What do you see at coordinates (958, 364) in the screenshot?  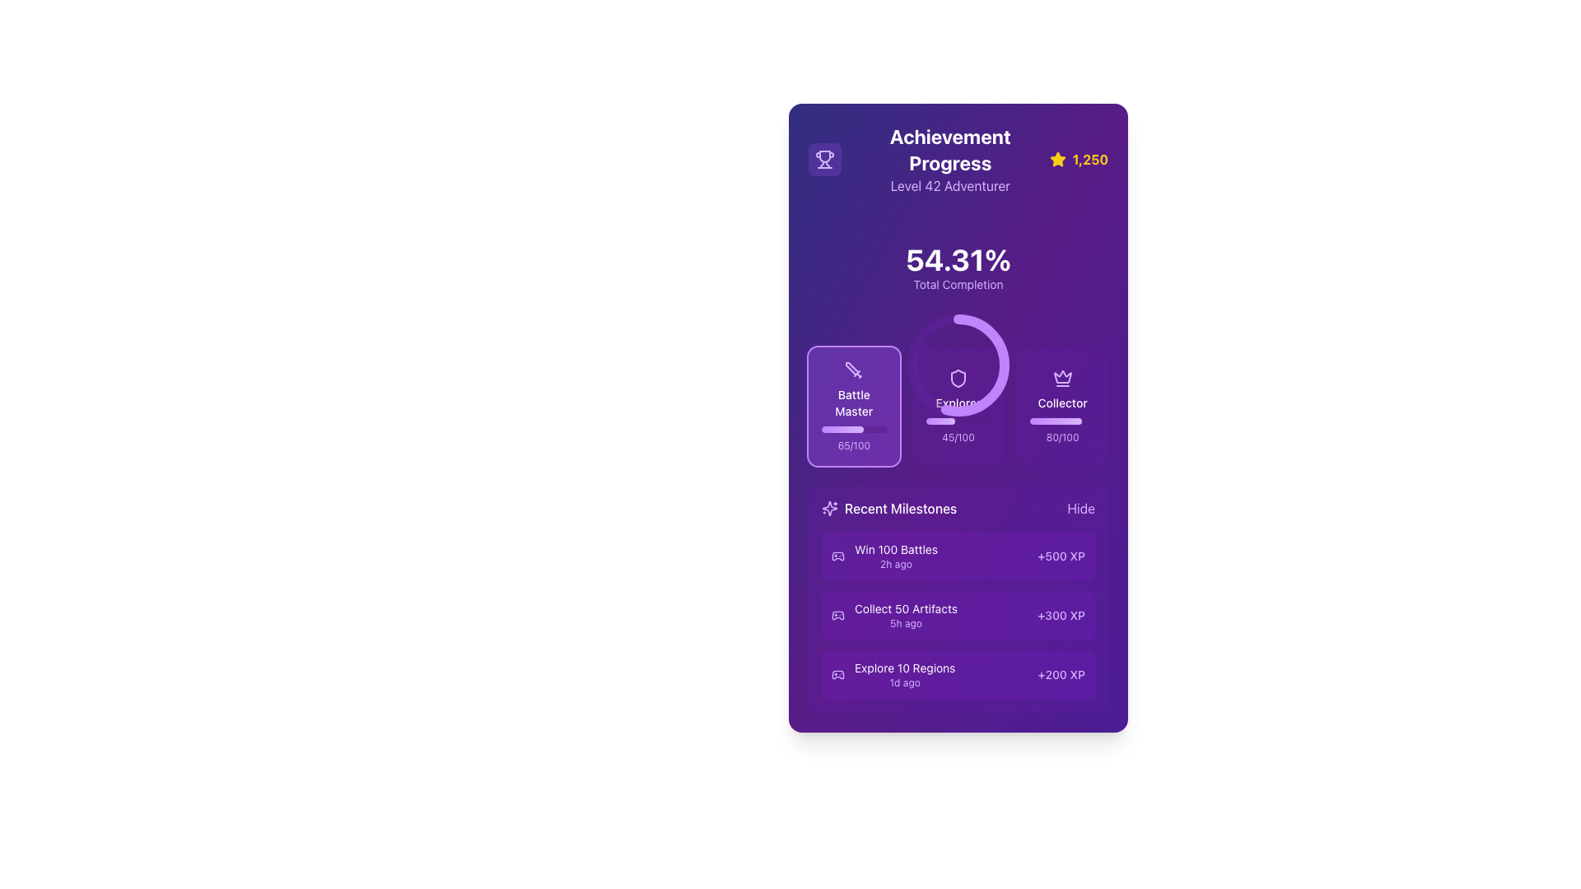 I see `associated label for the Circular progress indicator located under the 'Total Completion' label and next to 'Battle Master' and 'Collector'` at bounding box center [958, 364].